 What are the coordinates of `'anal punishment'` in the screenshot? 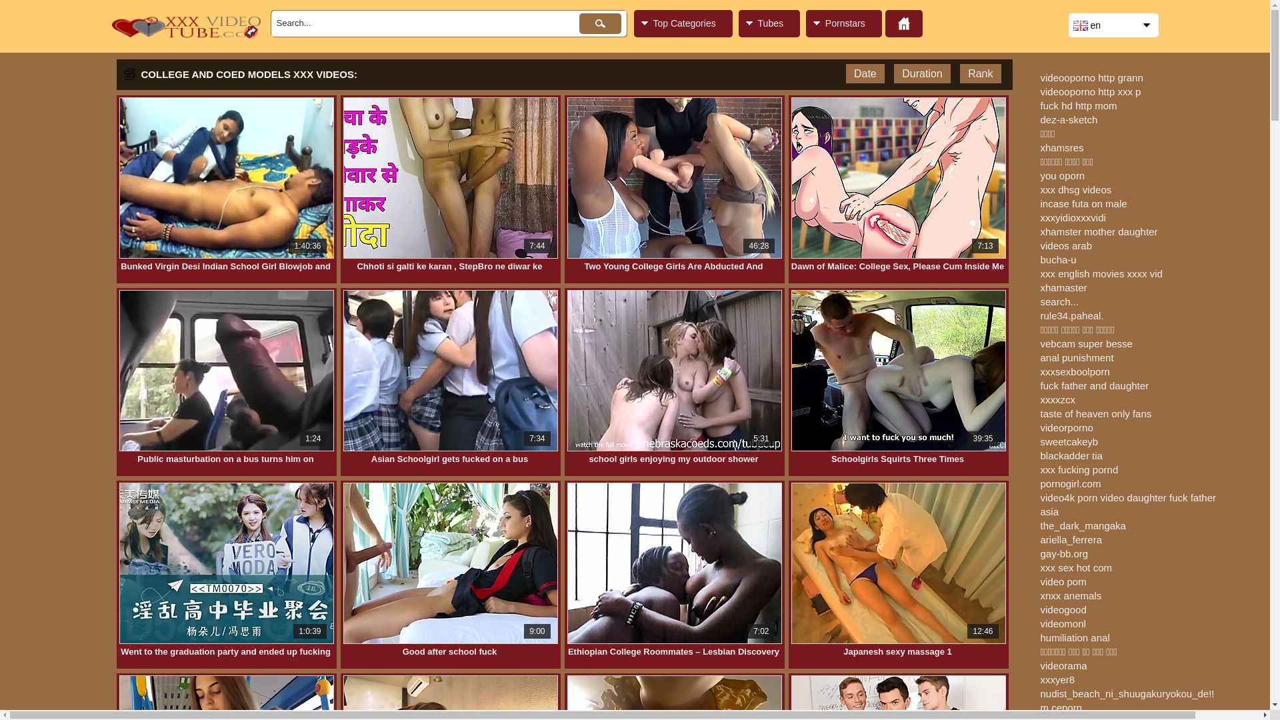 It's located at (1076, 357).